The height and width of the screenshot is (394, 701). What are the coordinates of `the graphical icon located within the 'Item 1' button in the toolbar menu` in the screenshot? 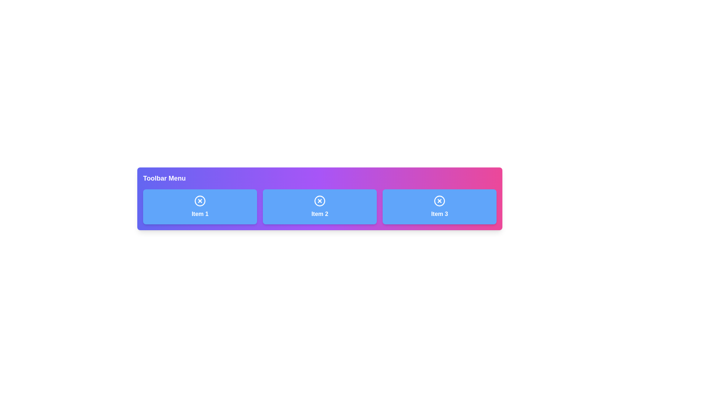 It's located at (200, 201).